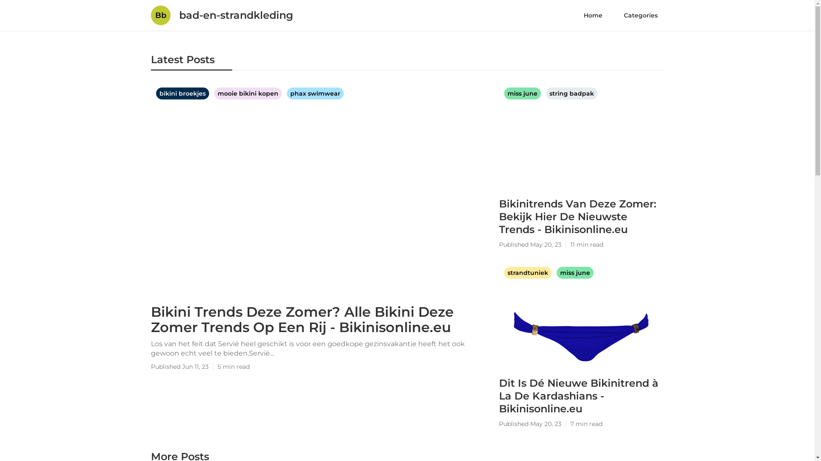 Image resolution: width=821 pixels, height=461 pixels. What do you see at coordinates (545, 93) in the screenshot?
I see `'string badpak'` at bounding box center [545, 93].